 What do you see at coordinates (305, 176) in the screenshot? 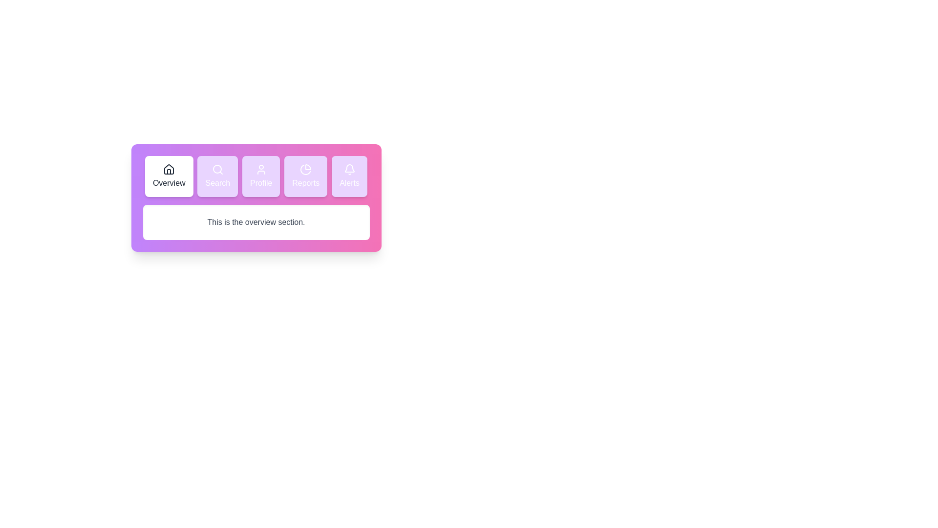
I see `the navigational button located beneath the larger navigation bar` at bounding box center [305, 176].